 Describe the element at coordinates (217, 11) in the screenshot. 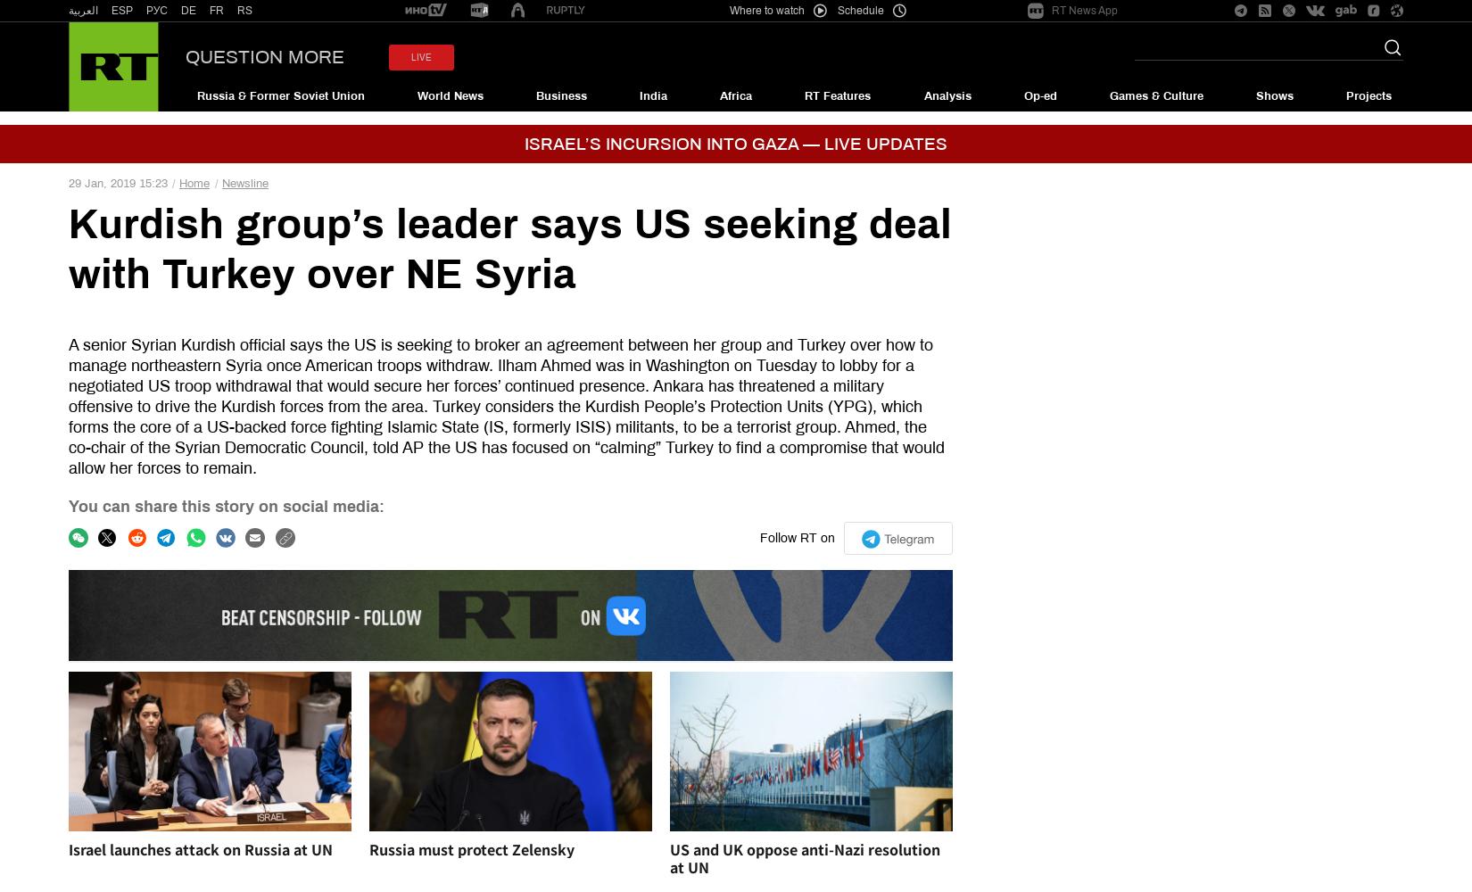

I see `'FR'` at that location.